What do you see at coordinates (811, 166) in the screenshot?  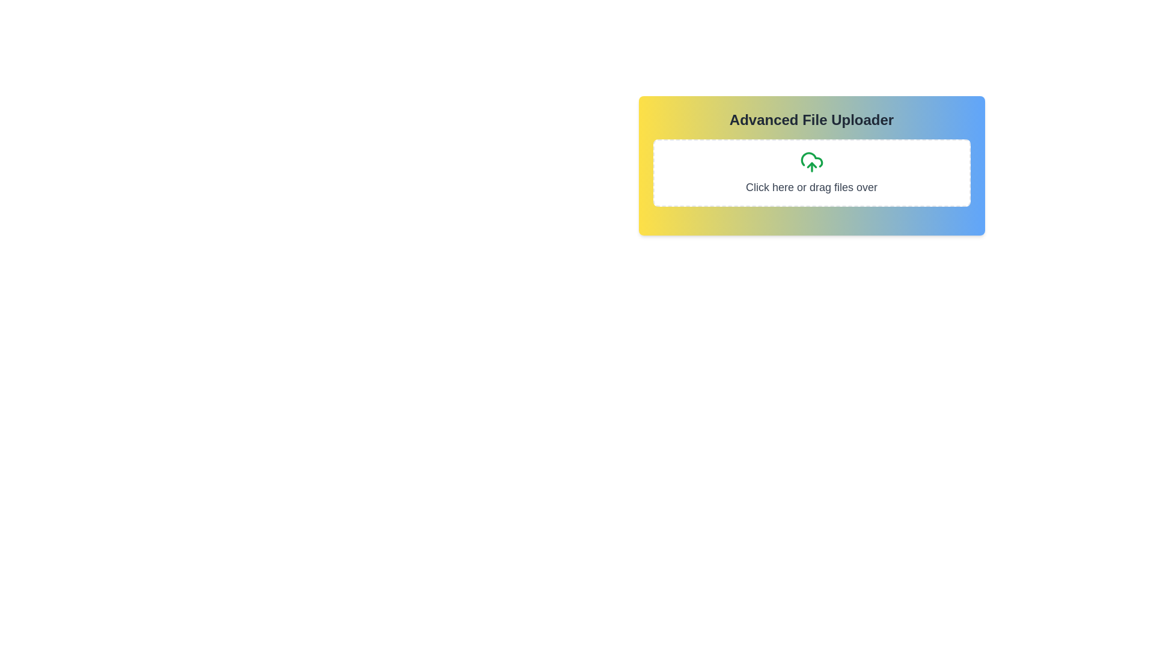 I see `and drop files onto the Interactive file uploader module, which features a gradient background, dashed border, and a cloud upload icon with the prompt 'Click here or drag files over'` at bounding box center [811, 166].